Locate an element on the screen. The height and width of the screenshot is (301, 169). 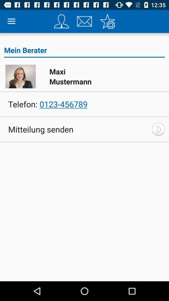
contacts is located at coordinates (61, 21).